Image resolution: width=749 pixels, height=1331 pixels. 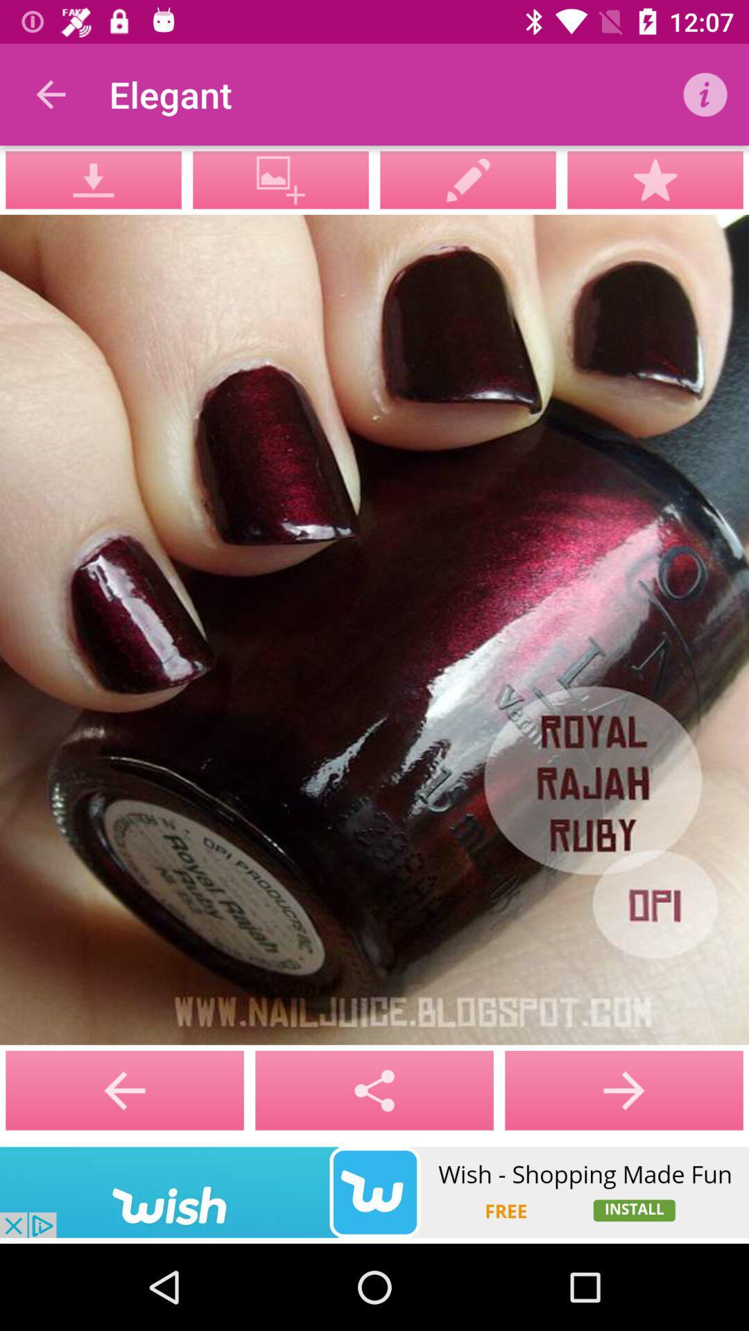 What do you see at coordinates (623, 1090) in the screenshot?
I see `the add icon` at bounding box center [623, 1090].